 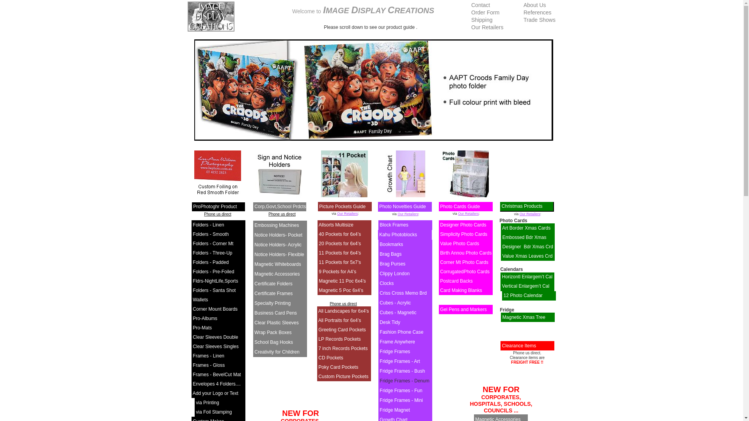 What do you see at coordinates (208, 365) in the screenshot?
I see `'Frames - Gloss'` at bounding box center [208, 365].